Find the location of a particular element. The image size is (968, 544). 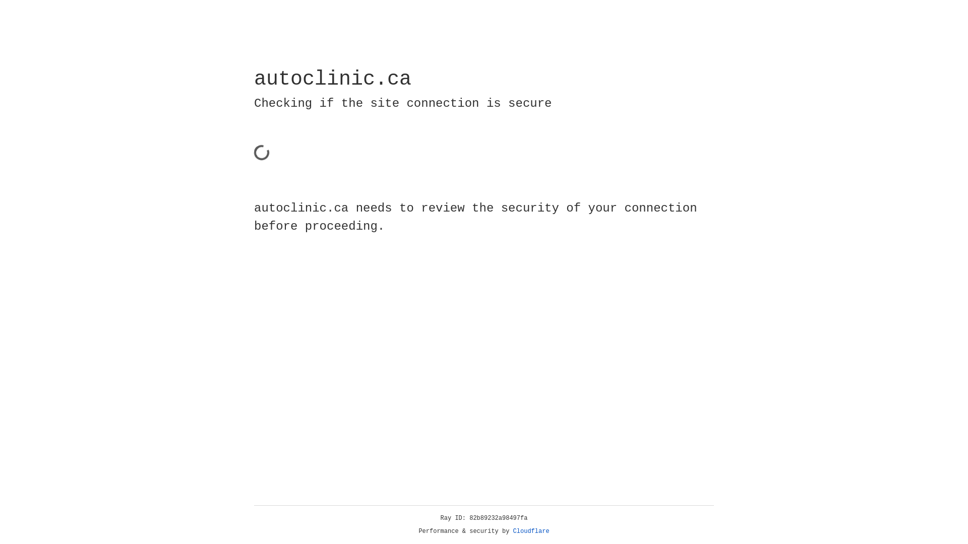

'Cloudflare' is located at coordinates (531, 531).